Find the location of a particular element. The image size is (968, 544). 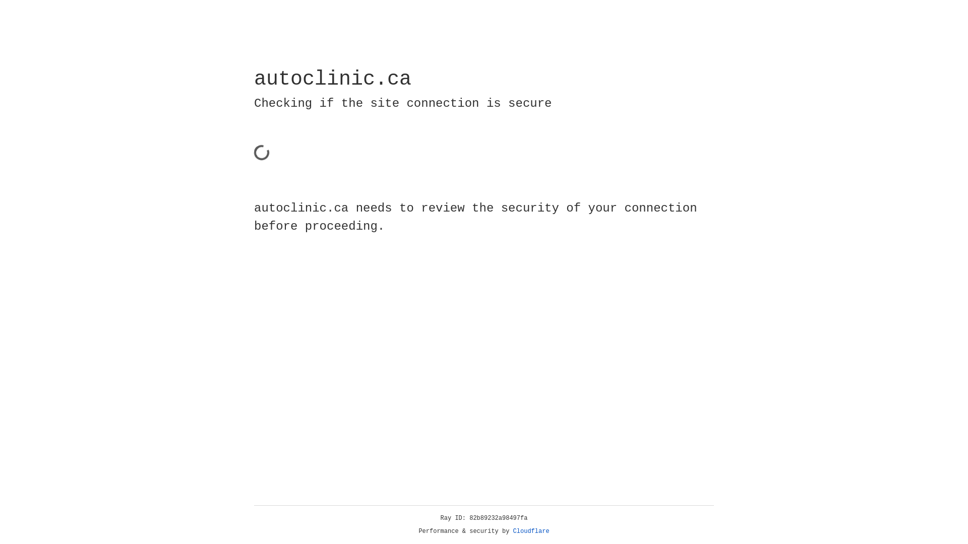

'Cloudflare' is located at coordinates (531, 531).